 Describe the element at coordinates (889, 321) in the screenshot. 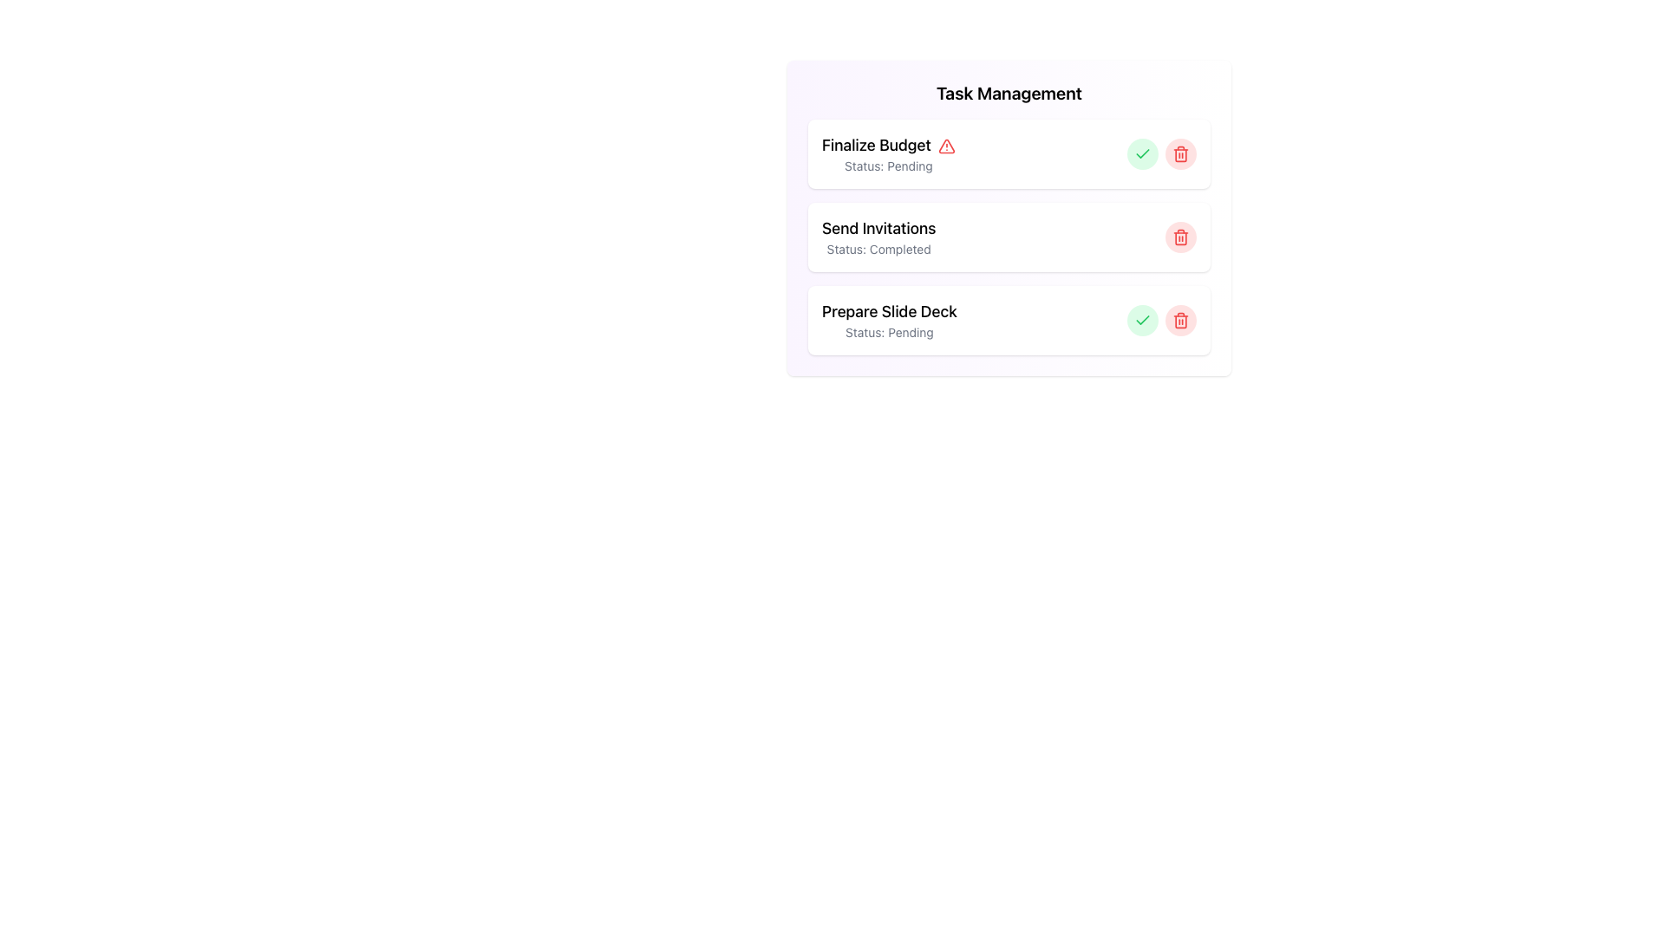

I see `the Text Display Unit that displays 'Prepare Slide Deck' in bold with the status 'pending' underneath it, which is the third item in the task management list` at that location.